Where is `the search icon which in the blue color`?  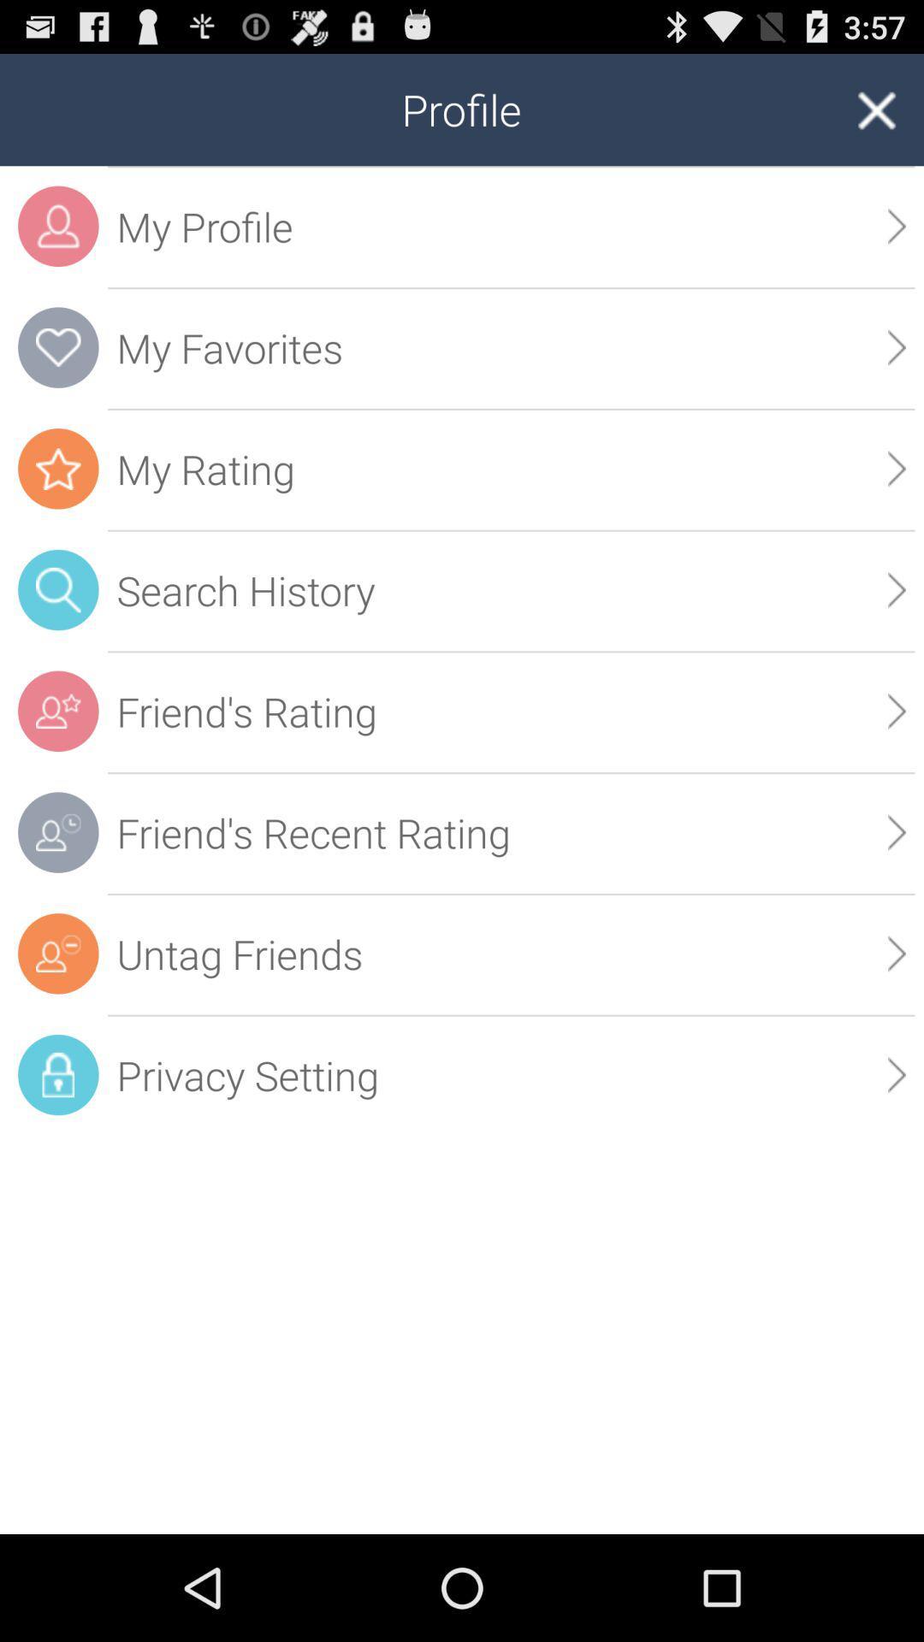 the search icon which in the blue color is located at coordinates (57, 590).